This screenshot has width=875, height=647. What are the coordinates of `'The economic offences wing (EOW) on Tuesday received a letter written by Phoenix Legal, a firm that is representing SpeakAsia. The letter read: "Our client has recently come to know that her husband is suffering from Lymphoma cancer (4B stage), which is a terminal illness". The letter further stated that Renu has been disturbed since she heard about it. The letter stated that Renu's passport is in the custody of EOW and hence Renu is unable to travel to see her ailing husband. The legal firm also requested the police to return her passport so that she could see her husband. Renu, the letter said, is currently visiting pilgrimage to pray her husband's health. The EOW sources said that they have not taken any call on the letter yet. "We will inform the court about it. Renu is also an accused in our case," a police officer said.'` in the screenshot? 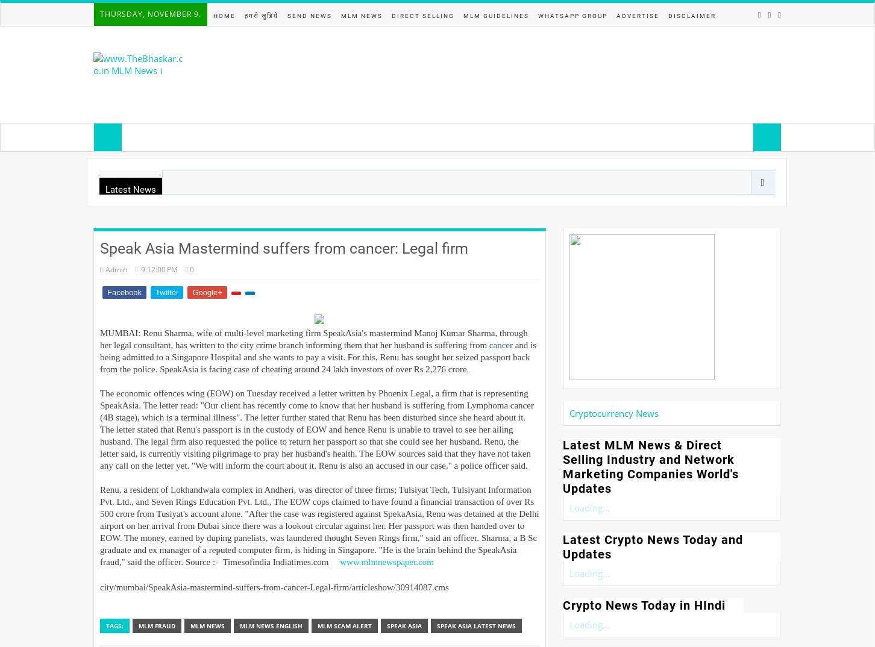 It's located at (99, 430).